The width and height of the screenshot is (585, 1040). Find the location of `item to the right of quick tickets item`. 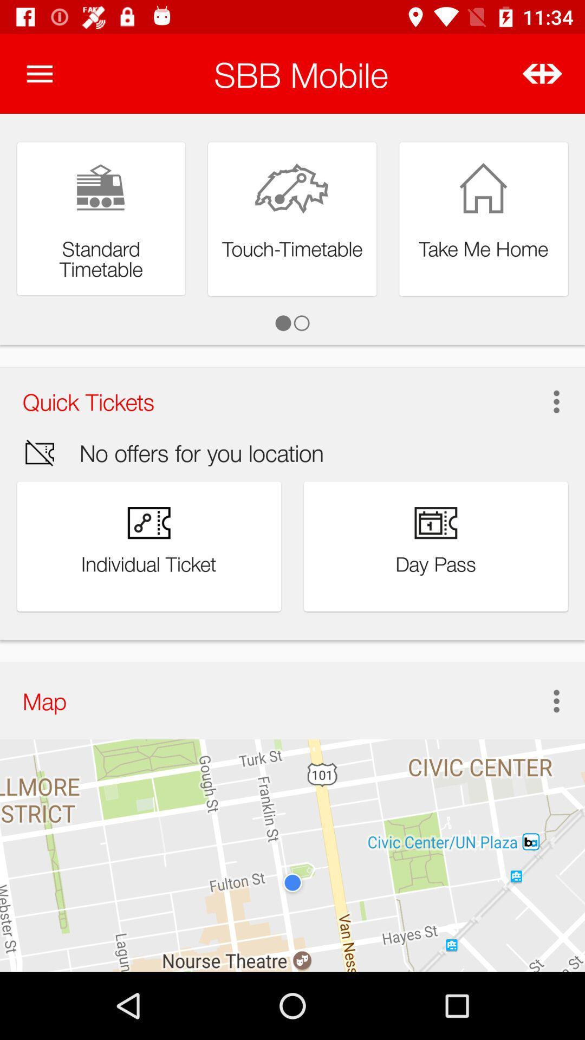

item to the right of quick tickets item is located at coordinates (552, 401).